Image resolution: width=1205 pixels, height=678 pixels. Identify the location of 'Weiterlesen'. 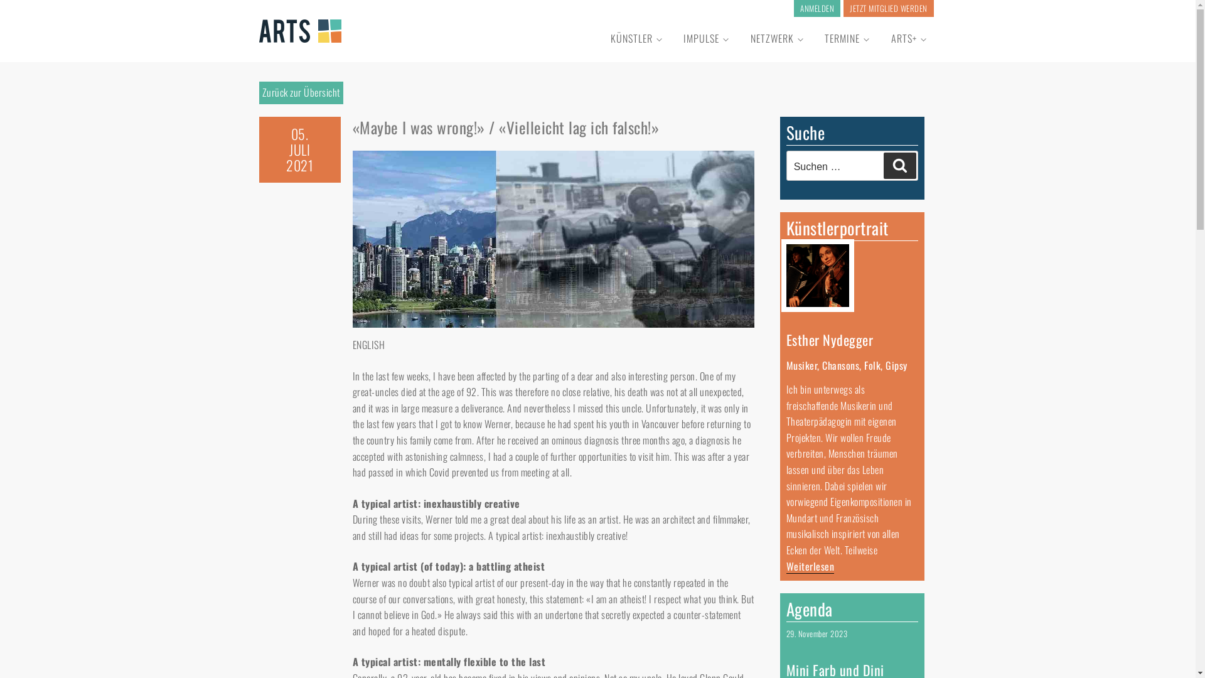
(810, 566).